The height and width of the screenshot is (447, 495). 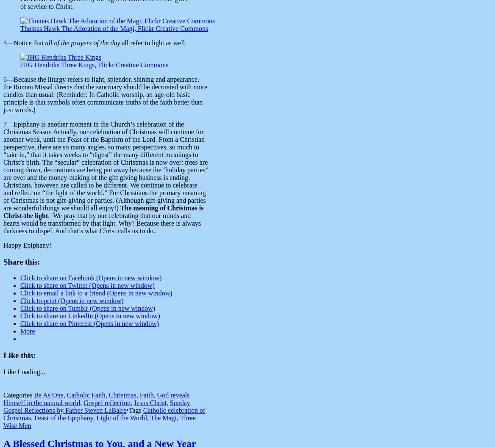 I want to click on 'Click to share on LinkedIn (Opens in new window)', so click(x=90, y=315).